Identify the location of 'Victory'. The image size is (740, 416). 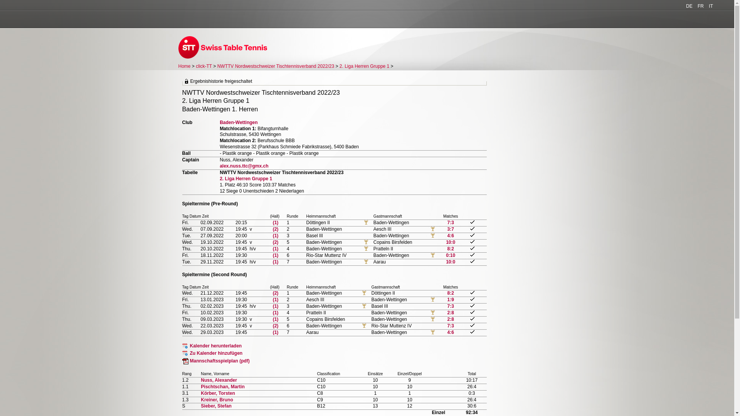
(431, 228).